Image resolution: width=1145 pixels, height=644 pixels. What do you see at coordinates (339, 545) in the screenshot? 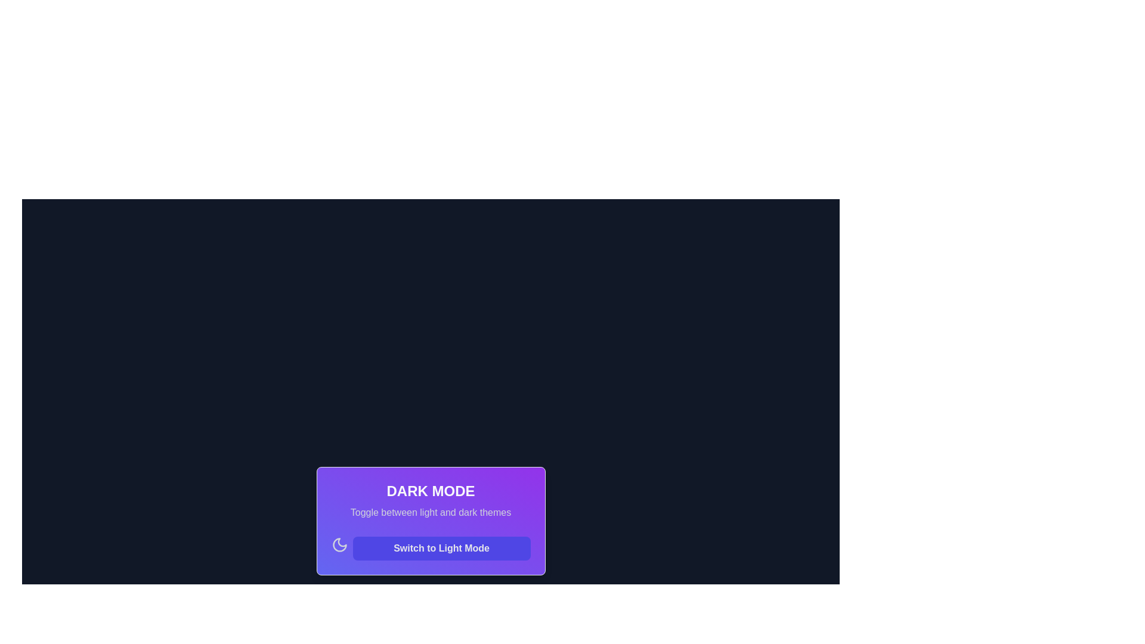
I see `the Dark Mode icon, which visually represents the concept of toggling between light and dark themes, located in the bottom section of the interface inside a purple card labeled 'DARK MODE'` at bounding box center [339, 545].